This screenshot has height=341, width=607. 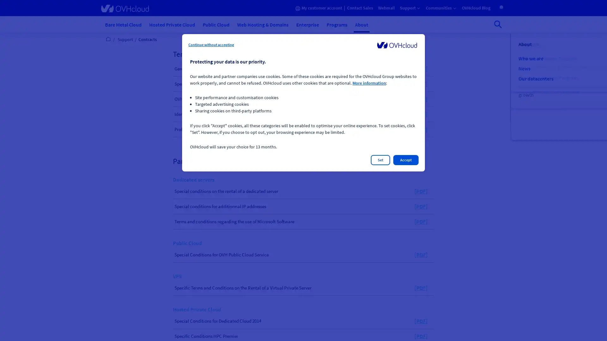 I want to click on Continue without accepting, so click(x=211, y=45).